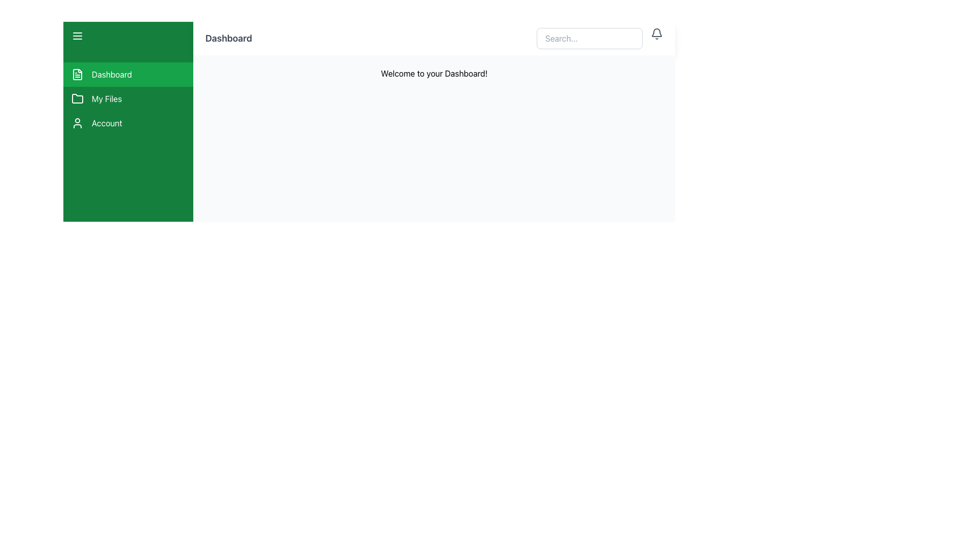 Image resolution: width=974 pixels, height=548 pixels. I want to click on the topmost button in the sidebar, so click(128, 74).